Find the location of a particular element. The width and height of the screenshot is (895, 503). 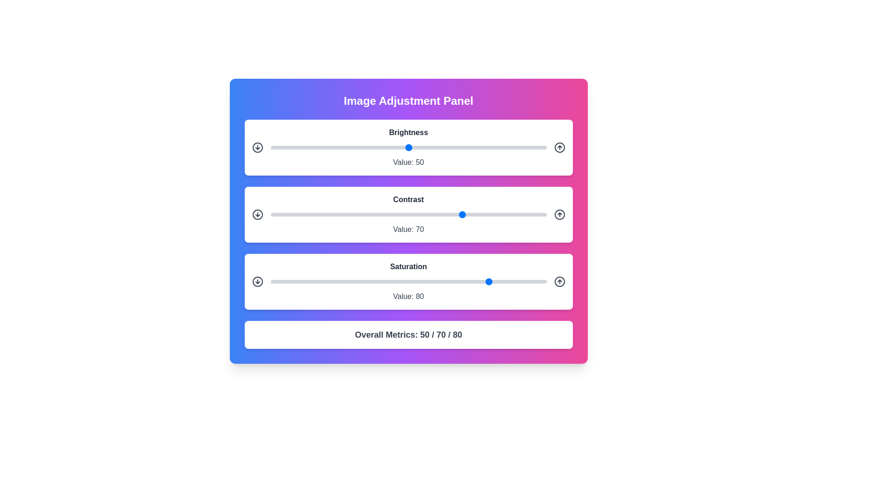

brightness is located at coordinates (494, 147).